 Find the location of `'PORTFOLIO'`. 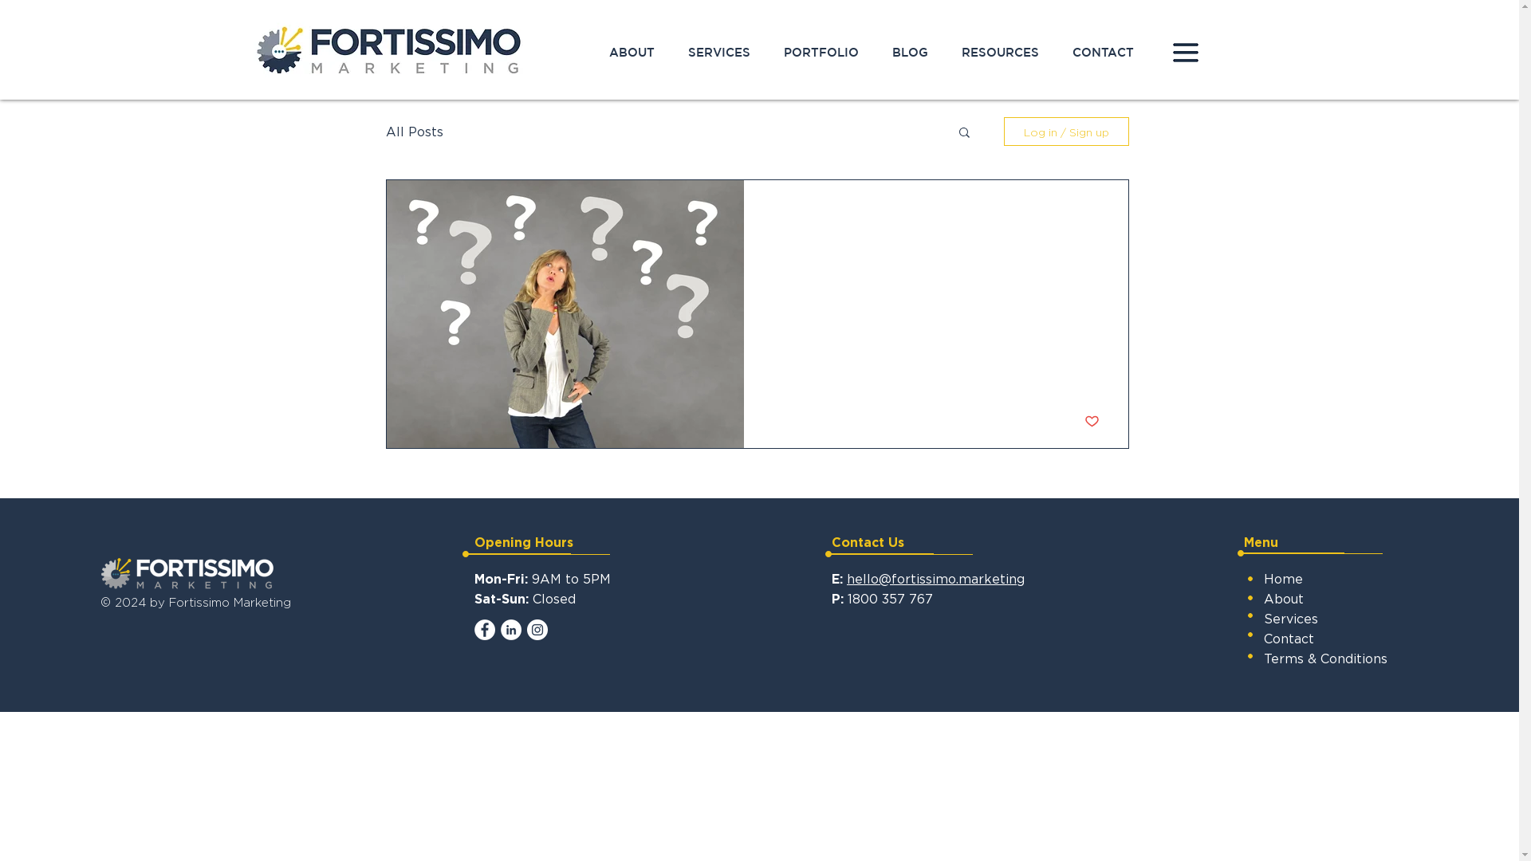

'PORTFOLIO' is located at coordinates (821, 51).